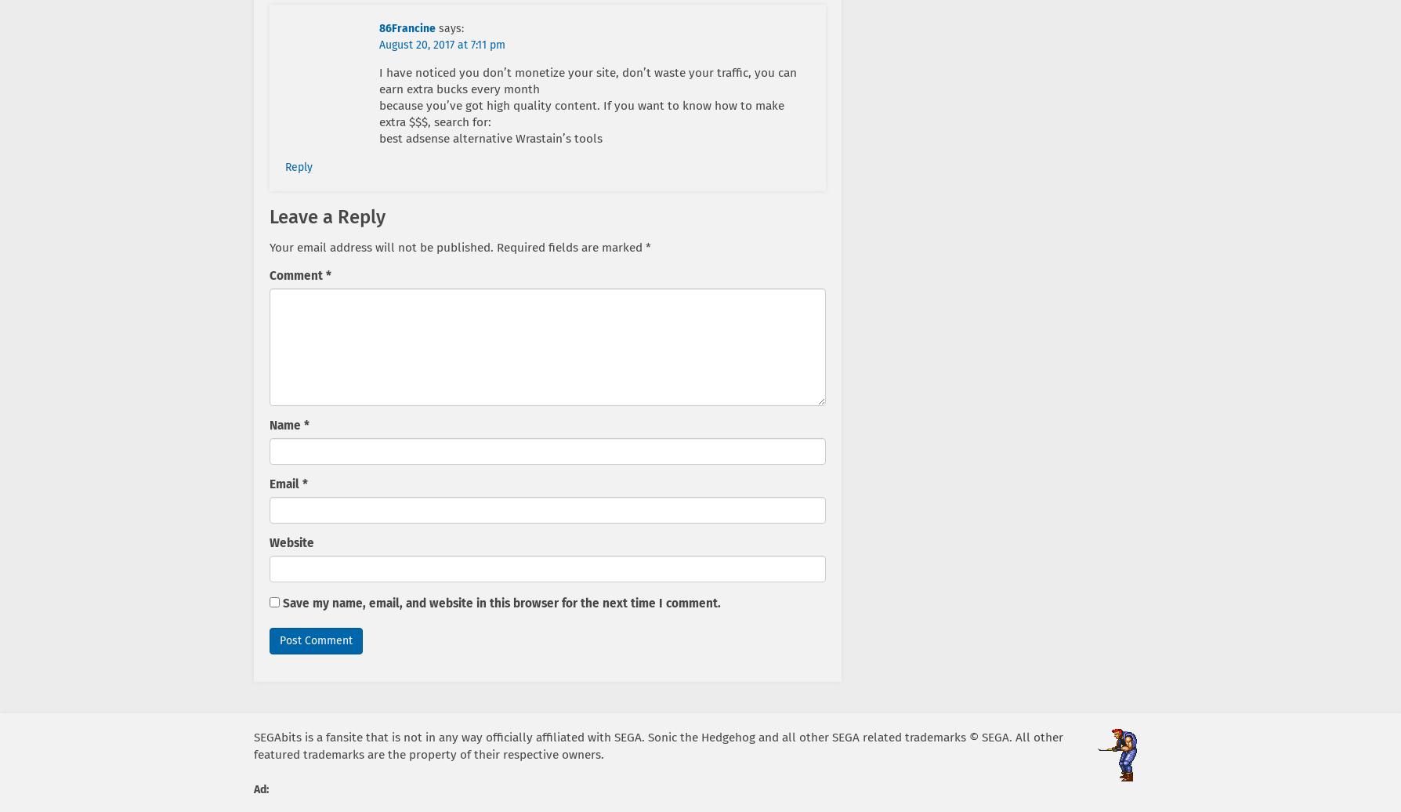 The image size is (1401, 812). I want to click on 'Website', so click(291, 542).